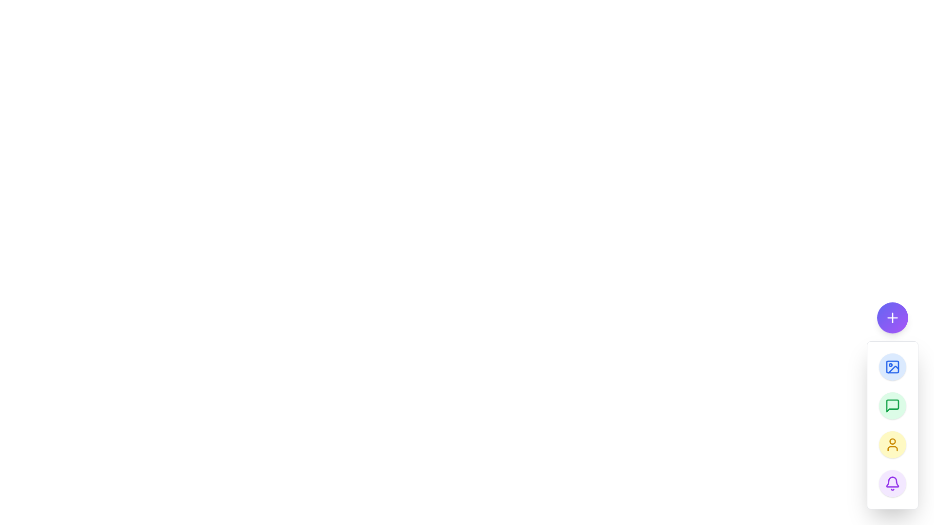 This screenshot has width=934, height=525. Describe the element at coordinates (892, 318) in the screenshot. I see `the circular button with a gradient background that has a white plus symbol in the center` at that location.